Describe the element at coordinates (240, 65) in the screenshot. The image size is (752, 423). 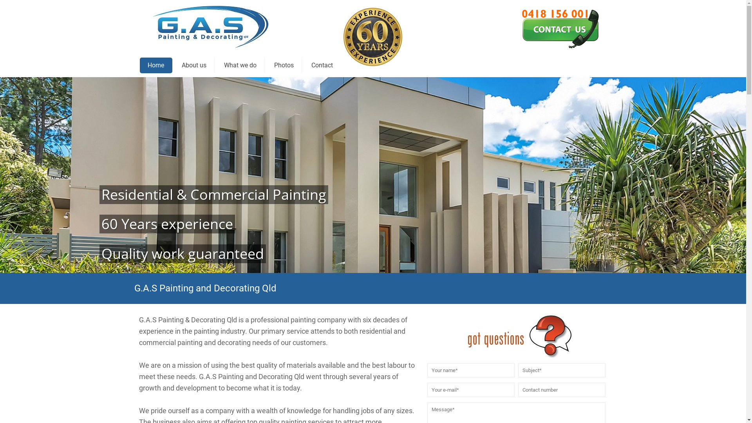
I see `'What we do'` at that location.